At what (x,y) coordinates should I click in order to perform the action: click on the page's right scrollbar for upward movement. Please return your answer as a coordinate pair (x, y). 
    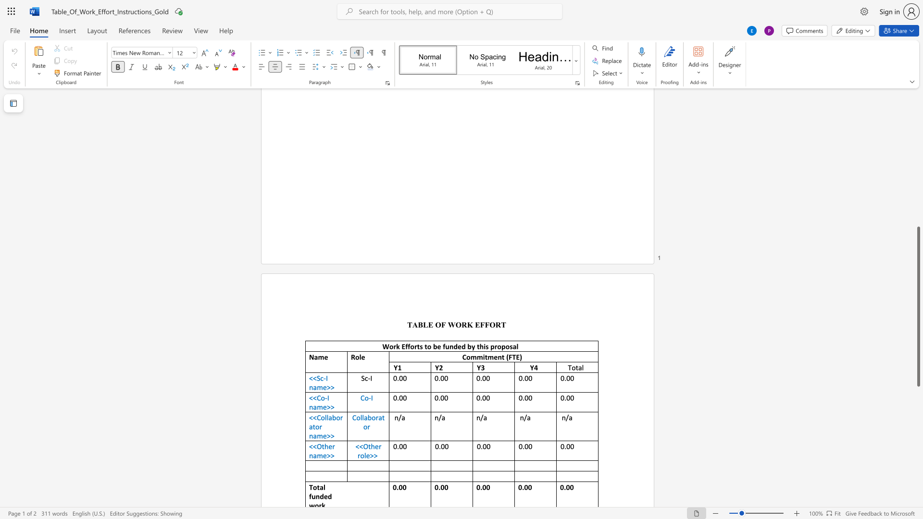
    Looking at the image, I should click on (918, 153).